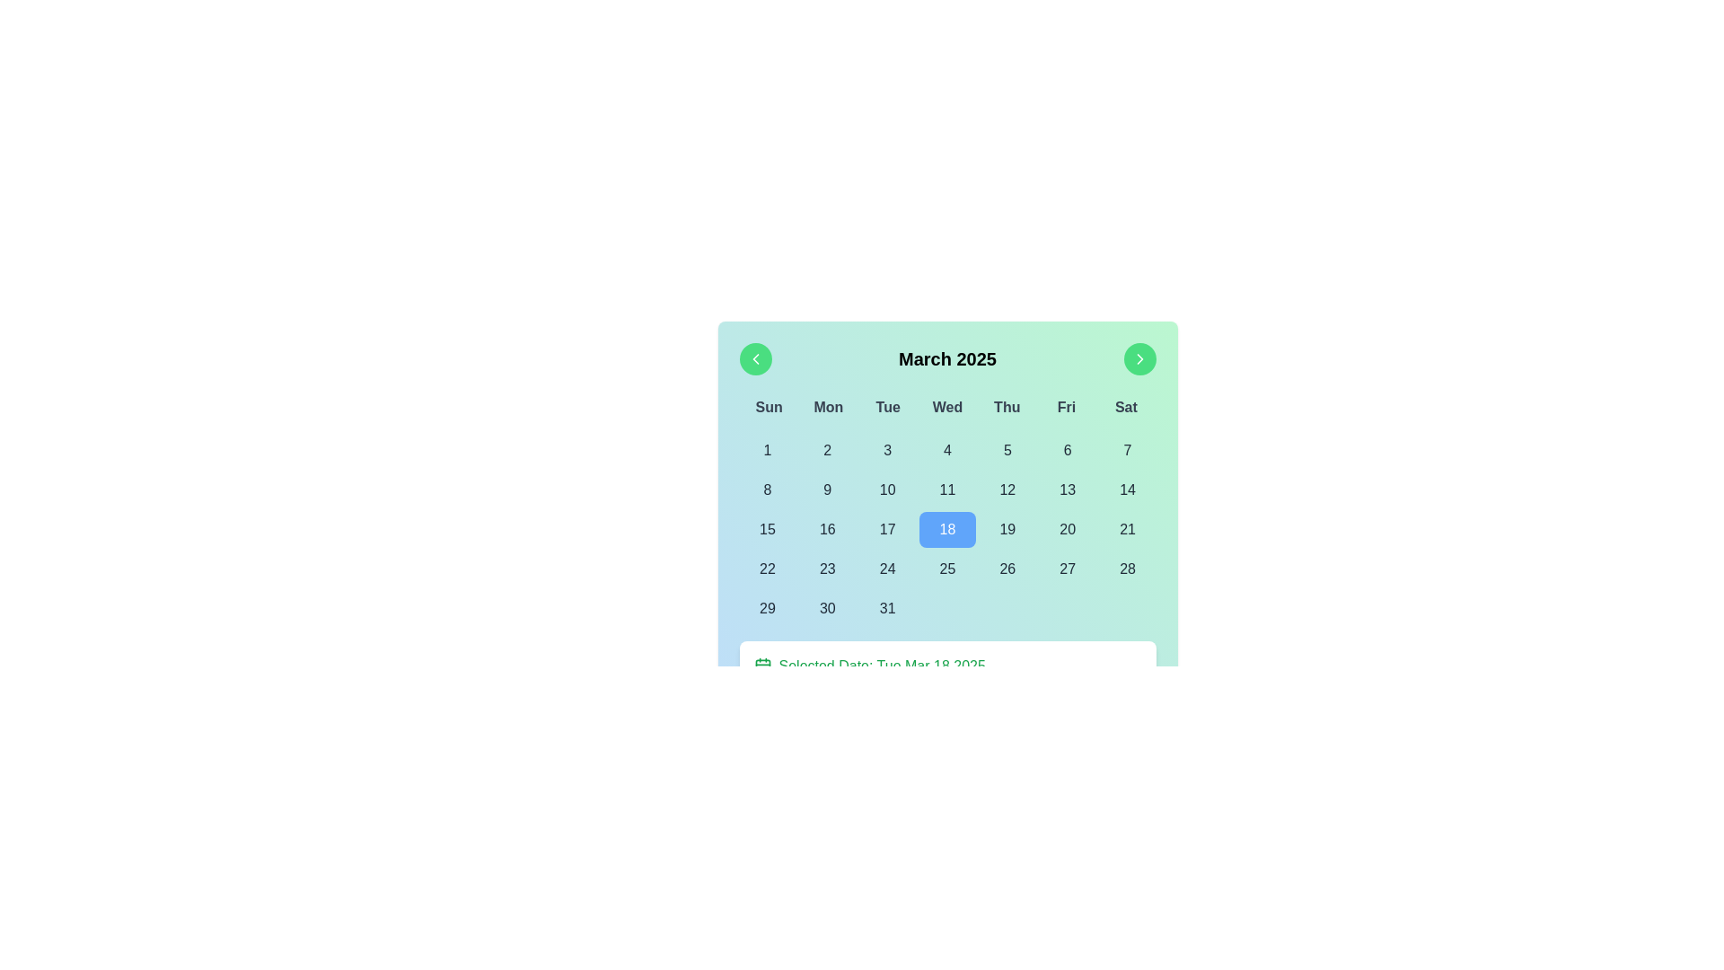 This screenshot has width=1724, height=970. I want to click on the button displaying the number '28', which is a text-based rectangular button with a rounded border located in the grid of dates for March 2025, so click(1127, 569).